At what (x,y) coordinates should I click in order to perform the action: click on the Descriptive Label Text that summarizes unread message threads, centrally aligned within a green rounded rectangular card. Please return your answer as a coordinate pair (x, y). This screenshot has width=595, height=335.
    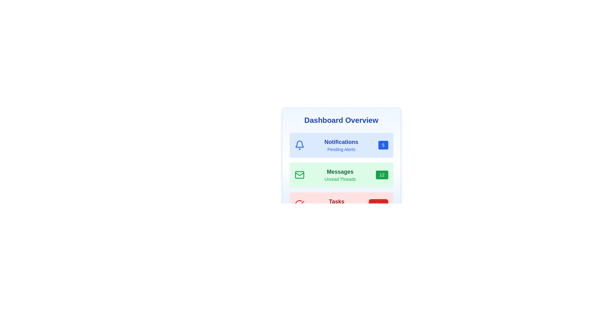
    Looking at the image, I should click on (340, 175).